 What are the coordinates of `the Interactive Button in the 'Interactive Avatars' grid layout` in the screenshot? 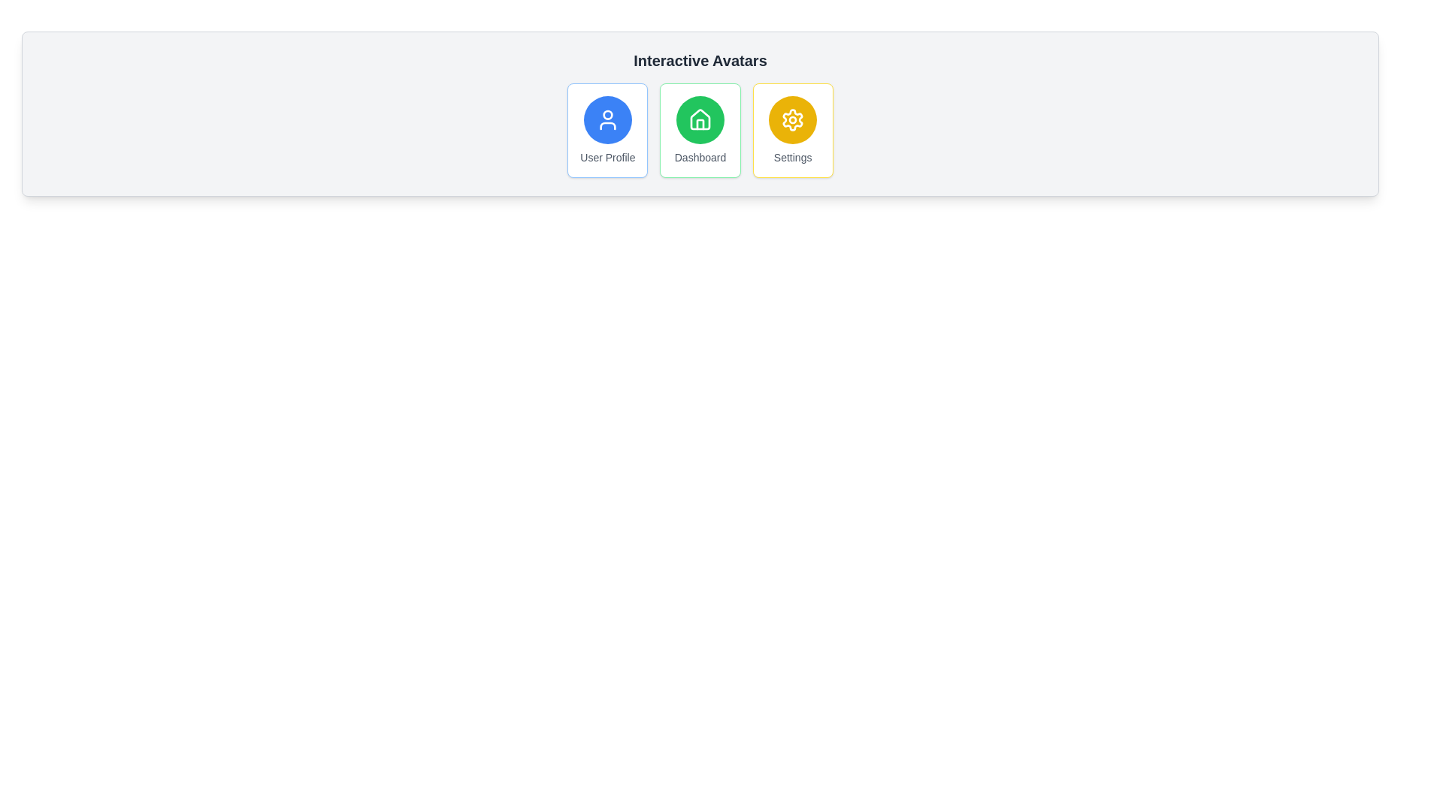 It's located at (699, 129).